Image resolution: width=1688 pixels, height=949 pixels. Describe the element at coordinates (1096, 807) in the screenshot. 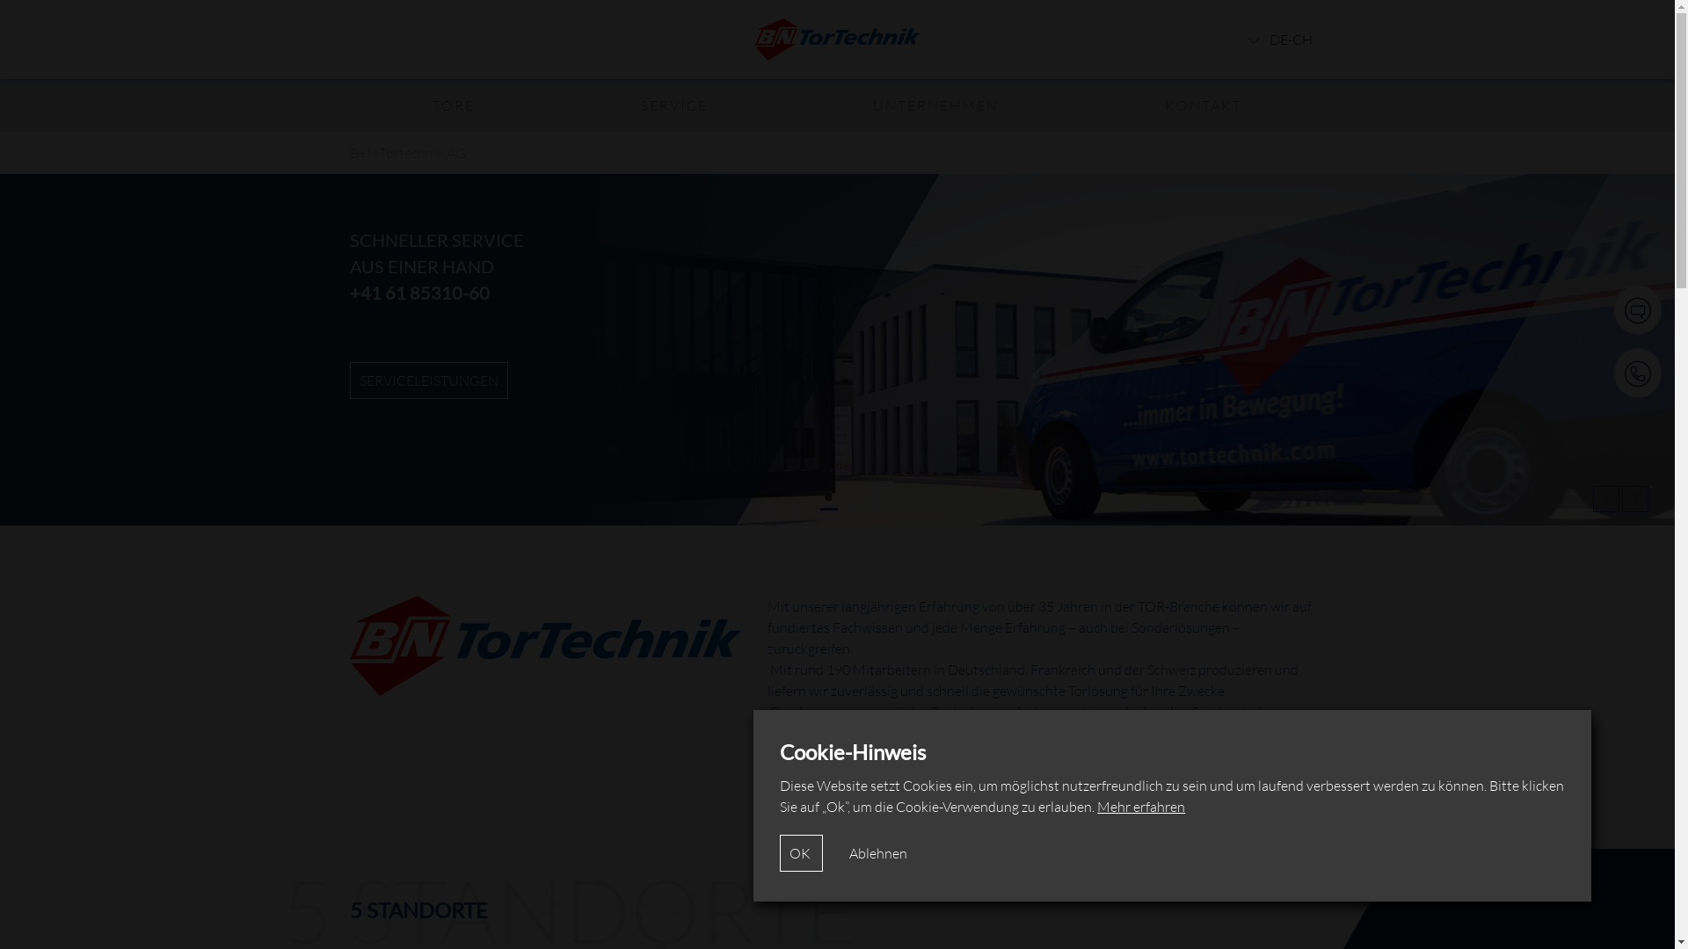

I see `'Mehr erfahren'` at that location.